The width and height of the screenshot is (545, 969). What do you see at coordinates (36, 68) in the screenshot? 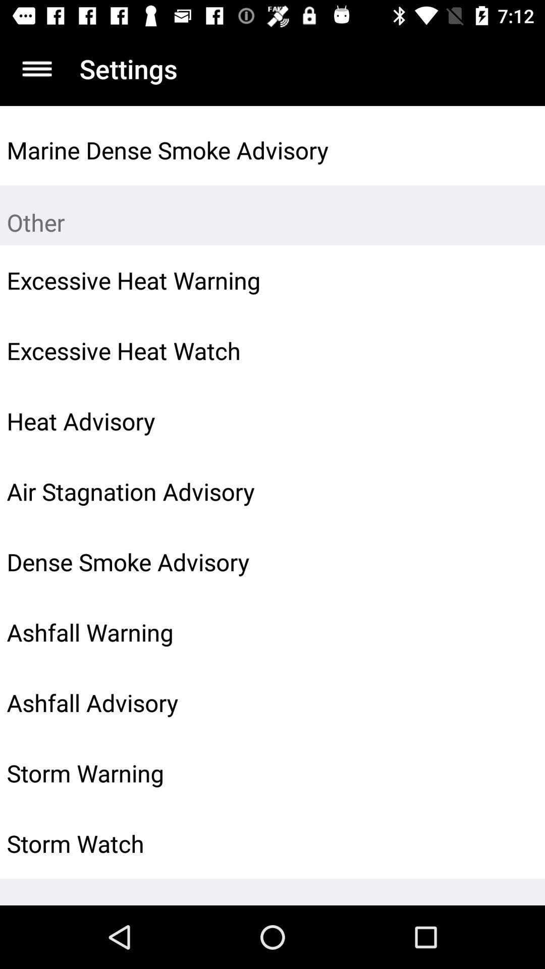
I see `menu` at bounding box center [36, 68].